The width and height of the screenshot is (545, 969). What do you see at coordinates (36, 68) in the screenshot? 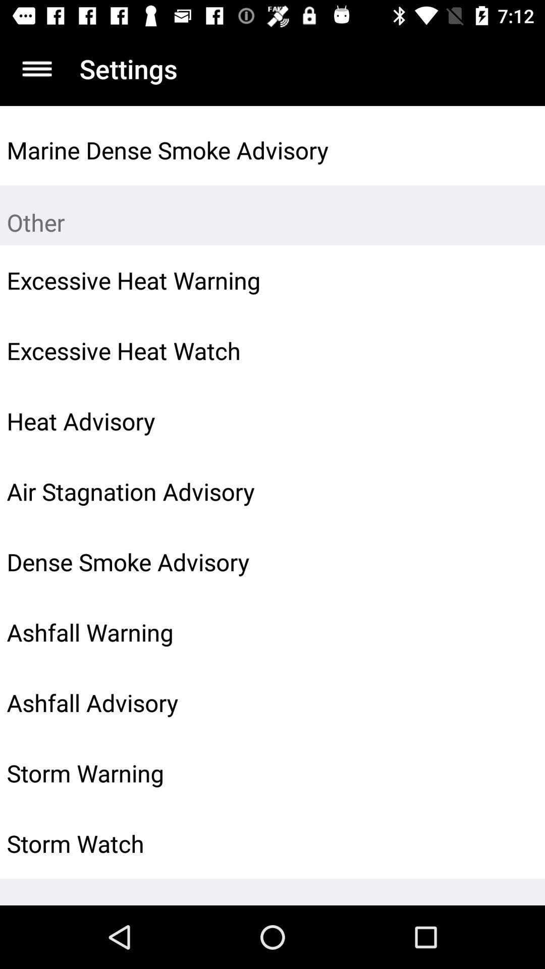
I see `menu` at bounding box center [36, 68].